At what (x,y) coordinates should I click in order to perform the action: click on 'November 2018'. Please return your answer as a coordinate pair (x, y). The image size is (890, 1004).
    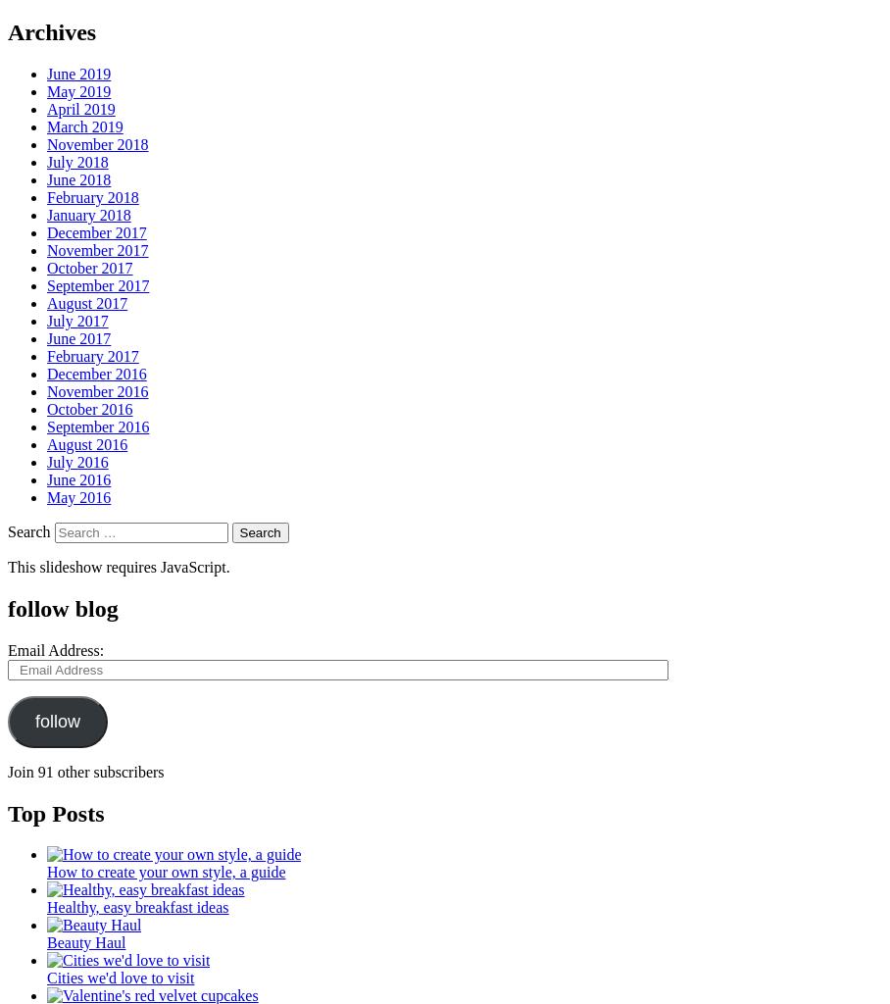
    Looking at the image, I should click on (96, 142).